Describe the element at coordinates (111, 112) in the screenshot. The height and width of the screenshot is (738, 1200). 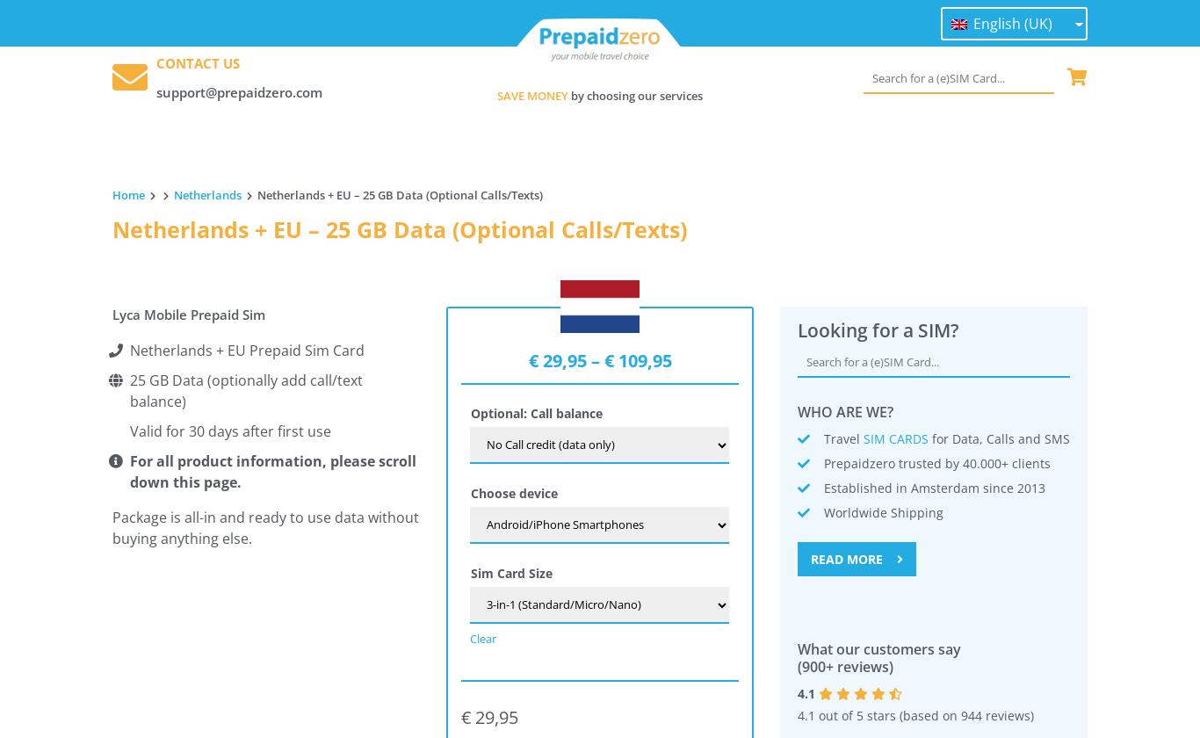
I see `'– After first use the data bundle is valid for 30 days.'` at that location.